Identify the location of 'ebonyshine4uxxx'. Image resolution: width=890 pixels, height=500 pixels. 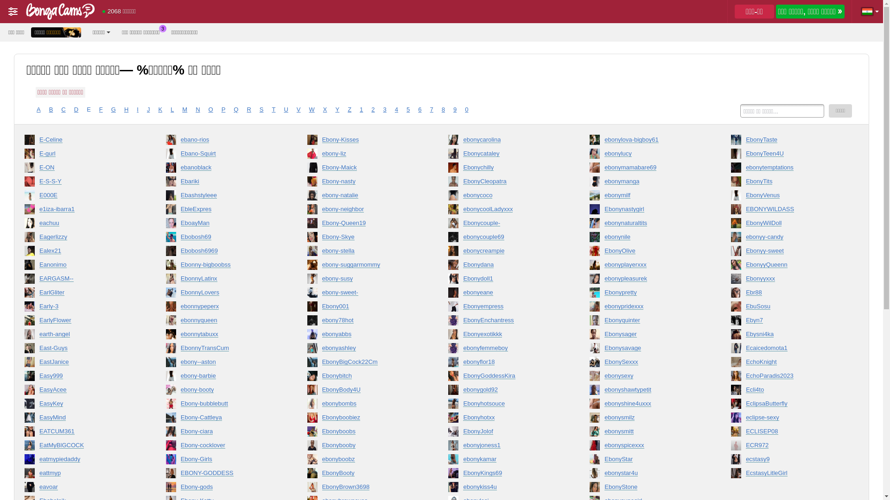
(647, 405).